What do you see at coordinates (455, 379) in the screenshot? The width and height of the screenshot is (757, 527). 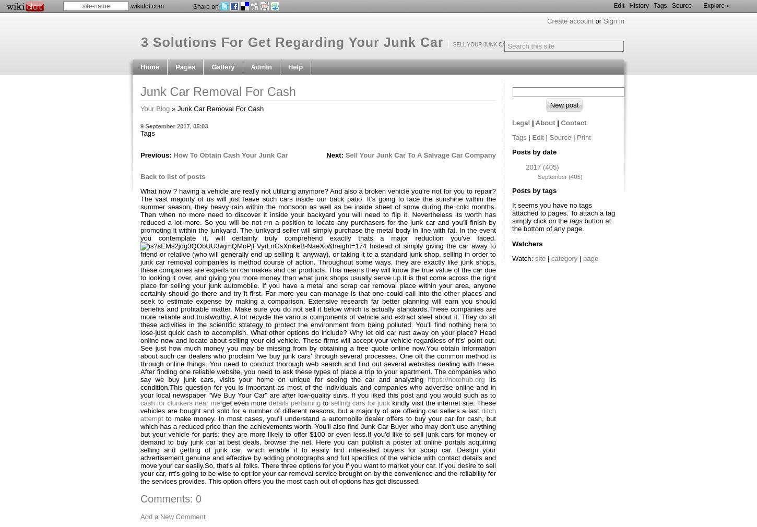 I see `'https://notehub.org'` at bounding box center [455, 379].